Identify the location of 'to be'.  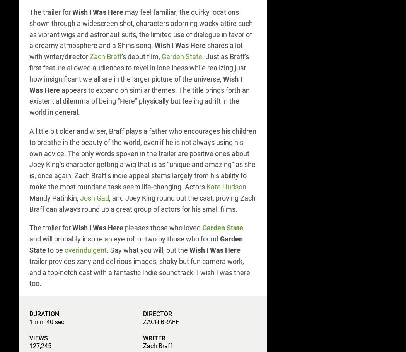
(45, 250).